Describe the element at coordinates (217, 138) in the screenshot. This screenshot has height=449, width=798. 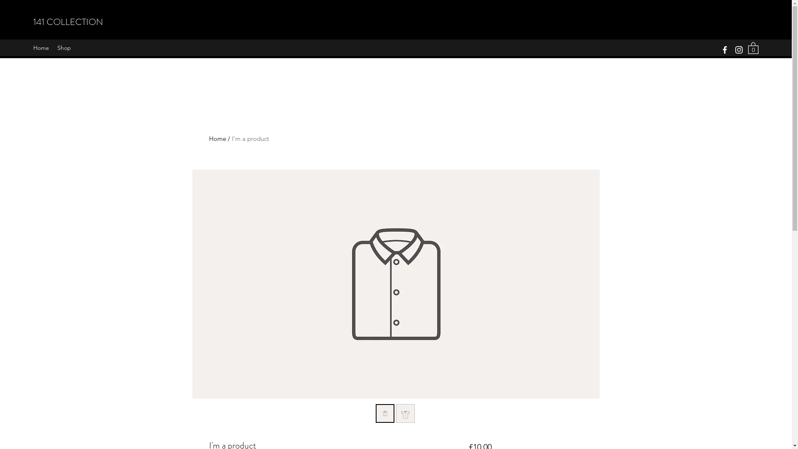
I see `'Home'` at that location.